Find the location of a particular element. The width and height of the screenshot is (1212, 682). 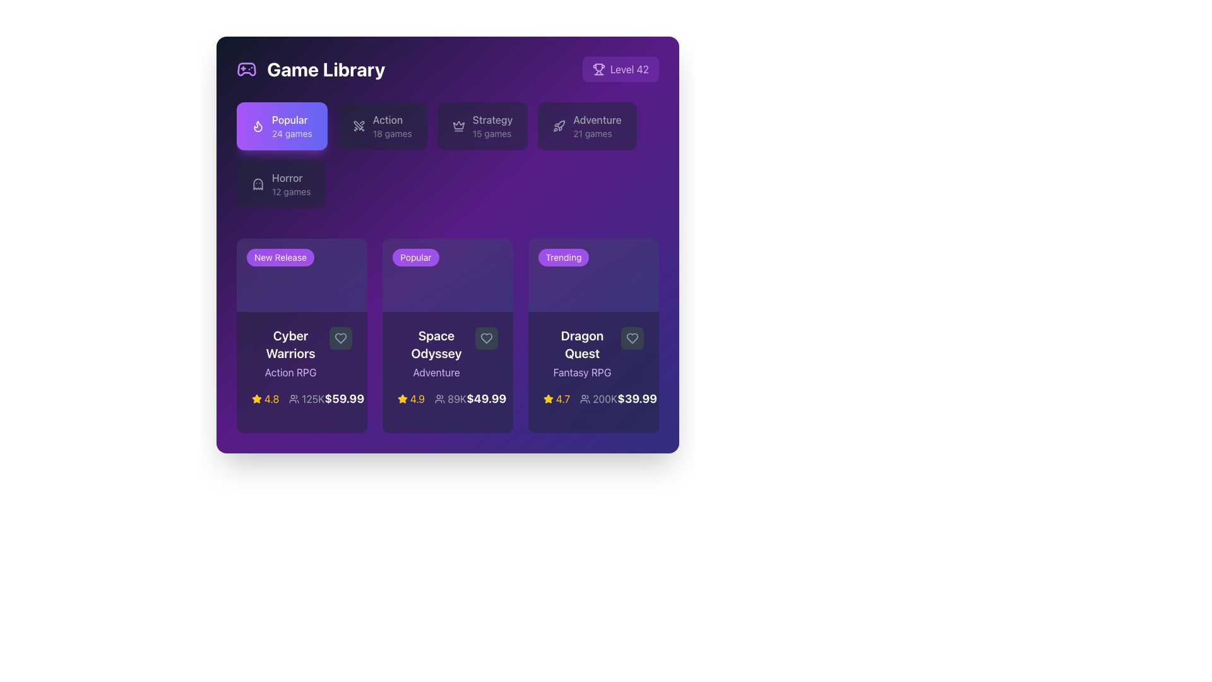

the filter button for the 'Horror' game category, which is located in the second row of game category cards, directly below the 'Popular' card and is the fourth card from the left is located at coordinates (280, 184).